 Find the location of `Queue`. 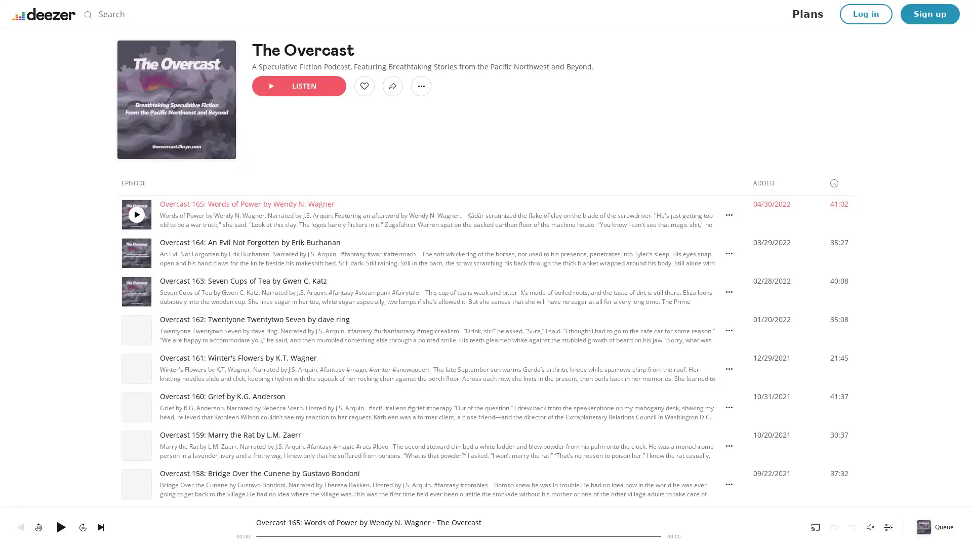

Queue is located at coordinates (936, 526).